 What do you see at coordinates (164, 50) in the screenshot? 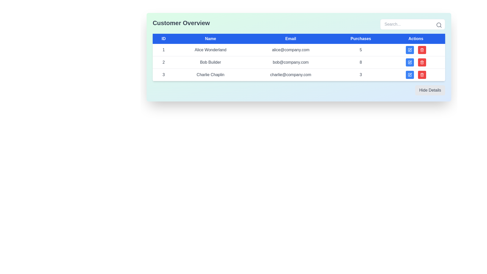
I see `the static text identifier in the first row of the table that is located directly beneath the 'ID' header and adjacent to the 'Name' column containing 'Alice Wonderland'` at bounding box center [164, 50].